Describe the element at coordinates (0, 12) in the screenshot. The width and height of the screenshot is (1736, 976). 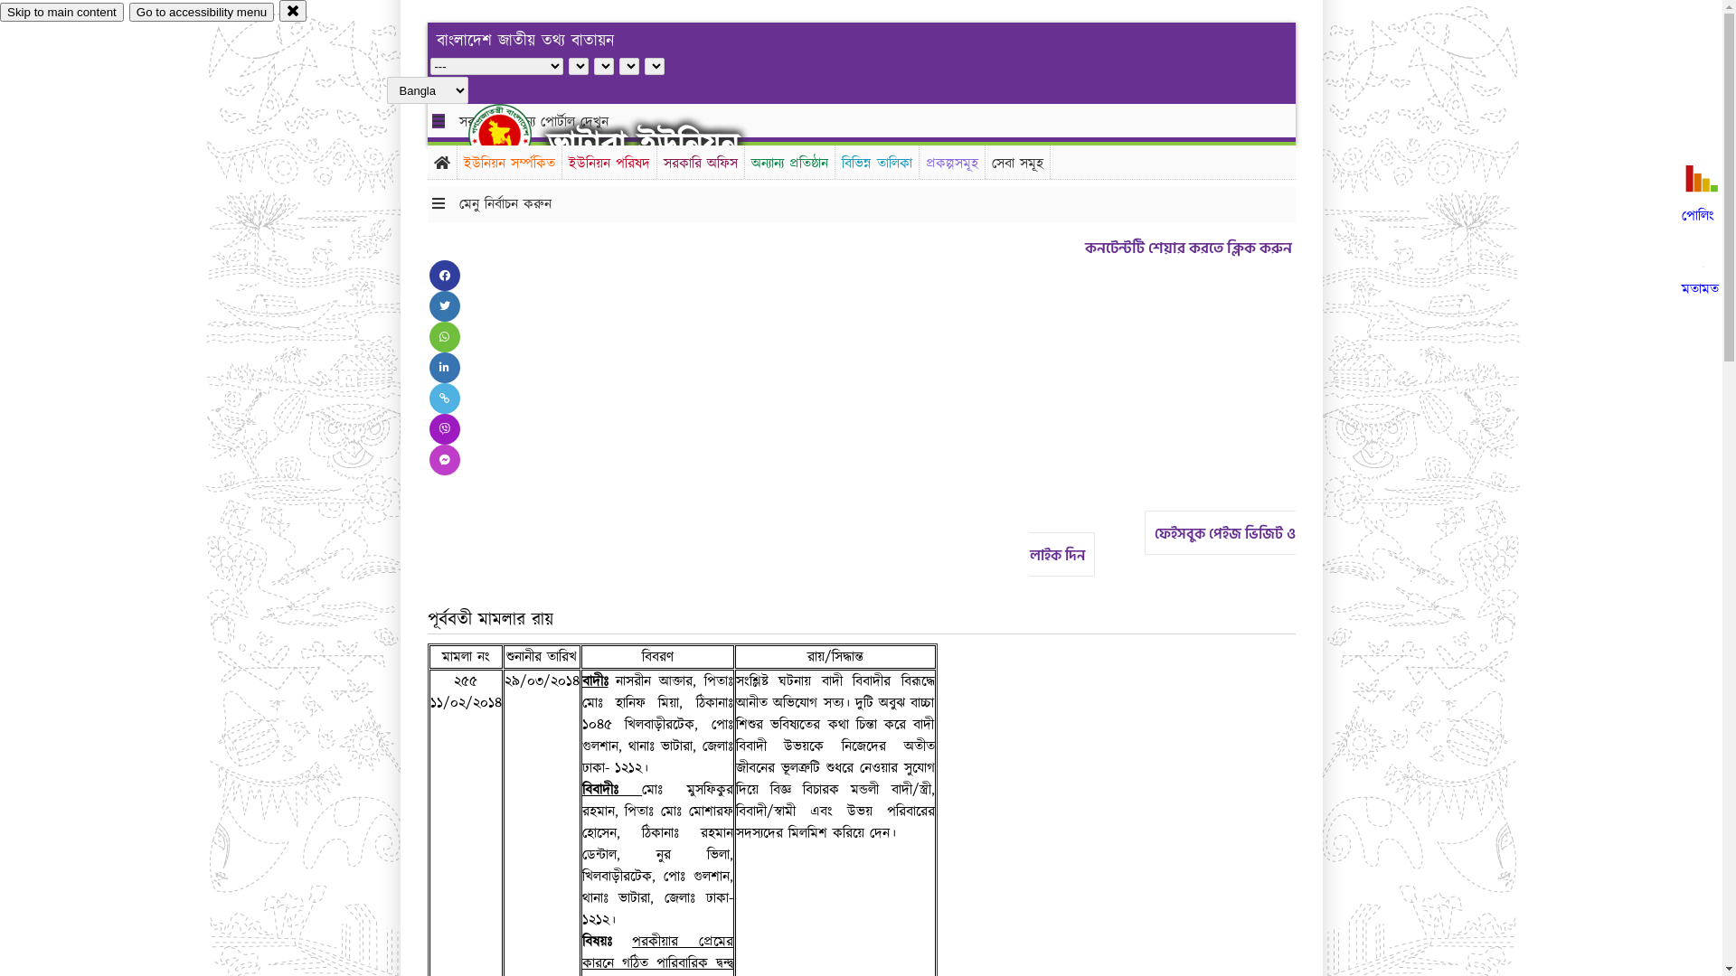
I see `'Skip to main content'` at that location.